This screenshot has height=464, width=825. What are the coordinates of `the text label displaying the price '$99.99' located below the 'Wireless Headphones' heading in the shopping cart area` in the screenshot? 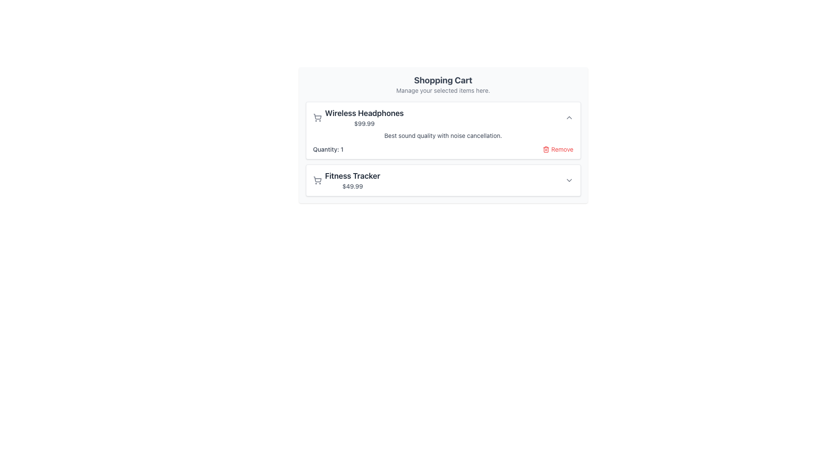 It's located at (364, 124).